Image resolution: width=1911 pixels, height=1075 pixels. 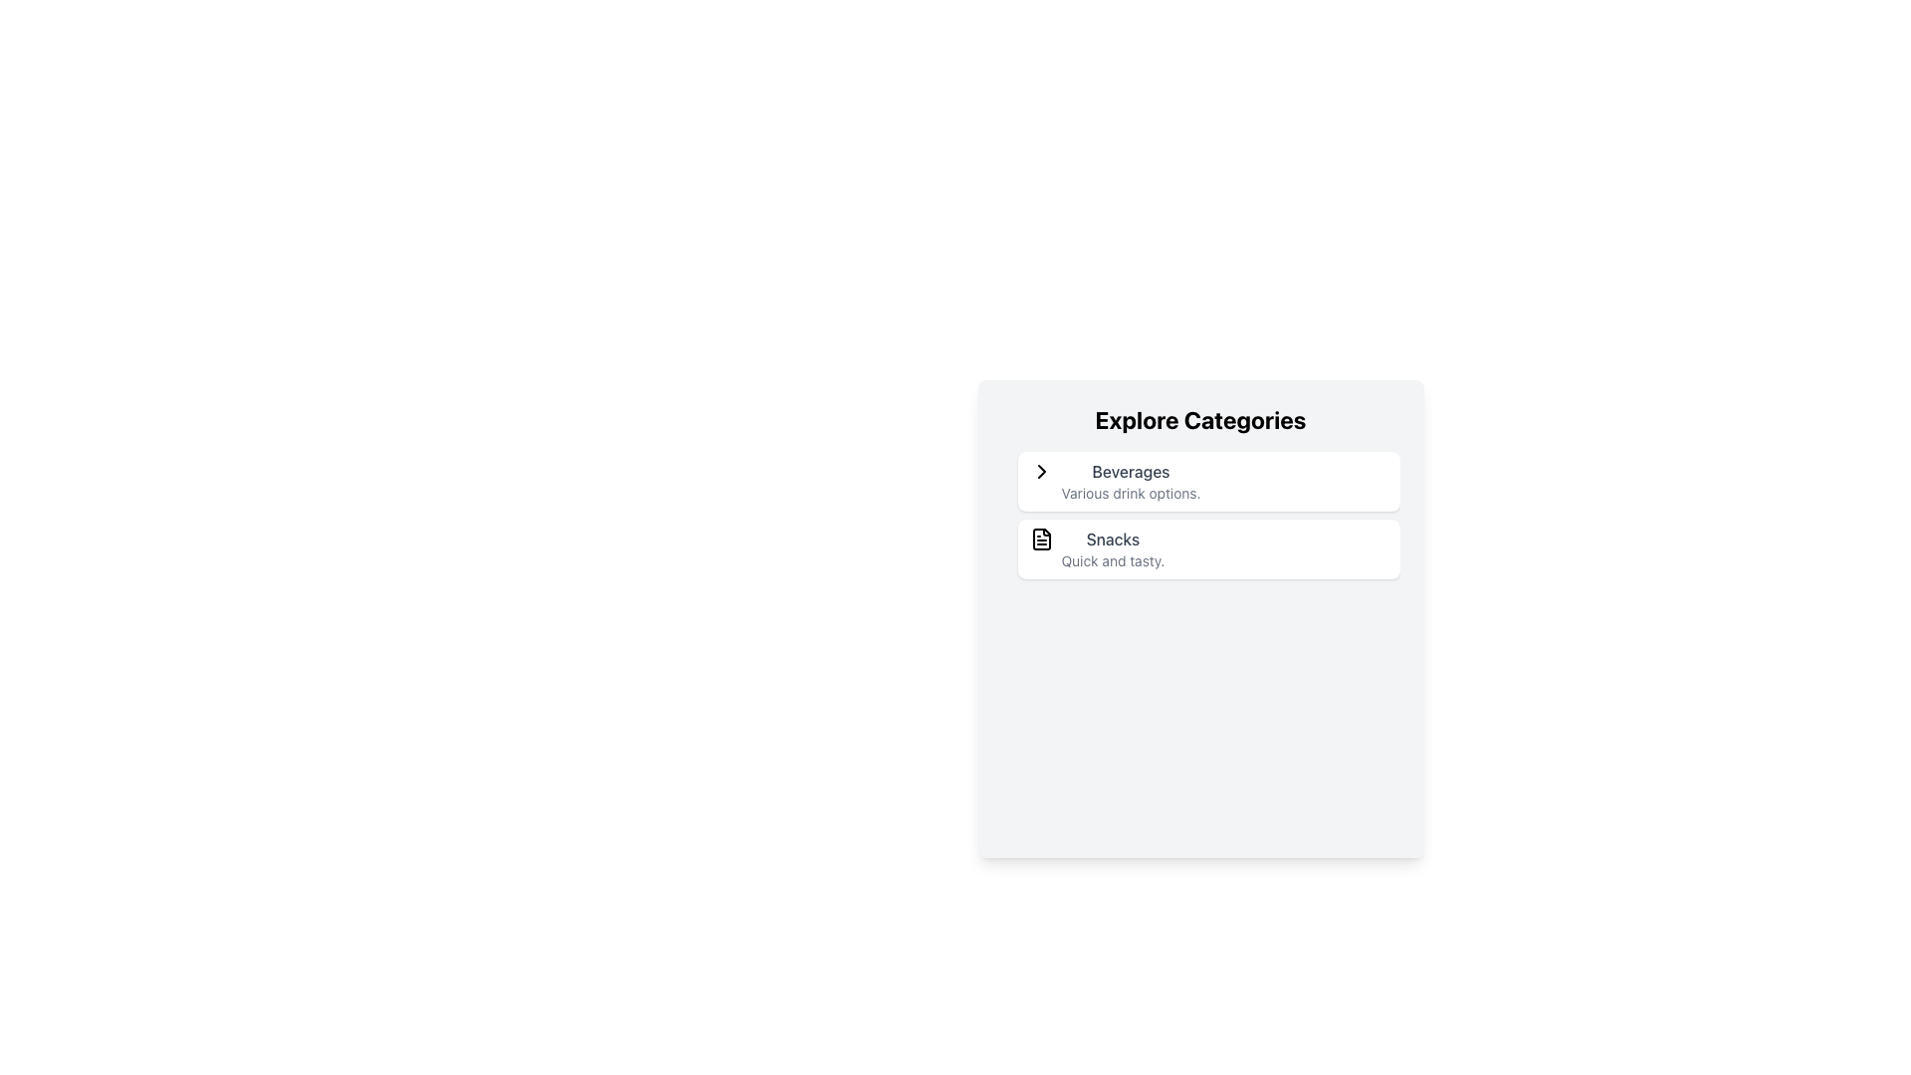 What do you see at coordinates (1207, 548) in the screenshot?
I see `the 'Snacks' category card located below the 'Beverages' card in the 'Explore Categories' section` at bounding box center [1207, 548].